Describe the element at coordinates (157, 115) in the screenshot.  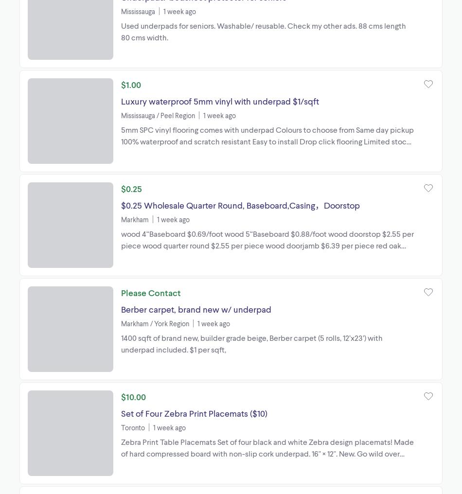
I see `'Mississauga / Peel Region'` at that location.